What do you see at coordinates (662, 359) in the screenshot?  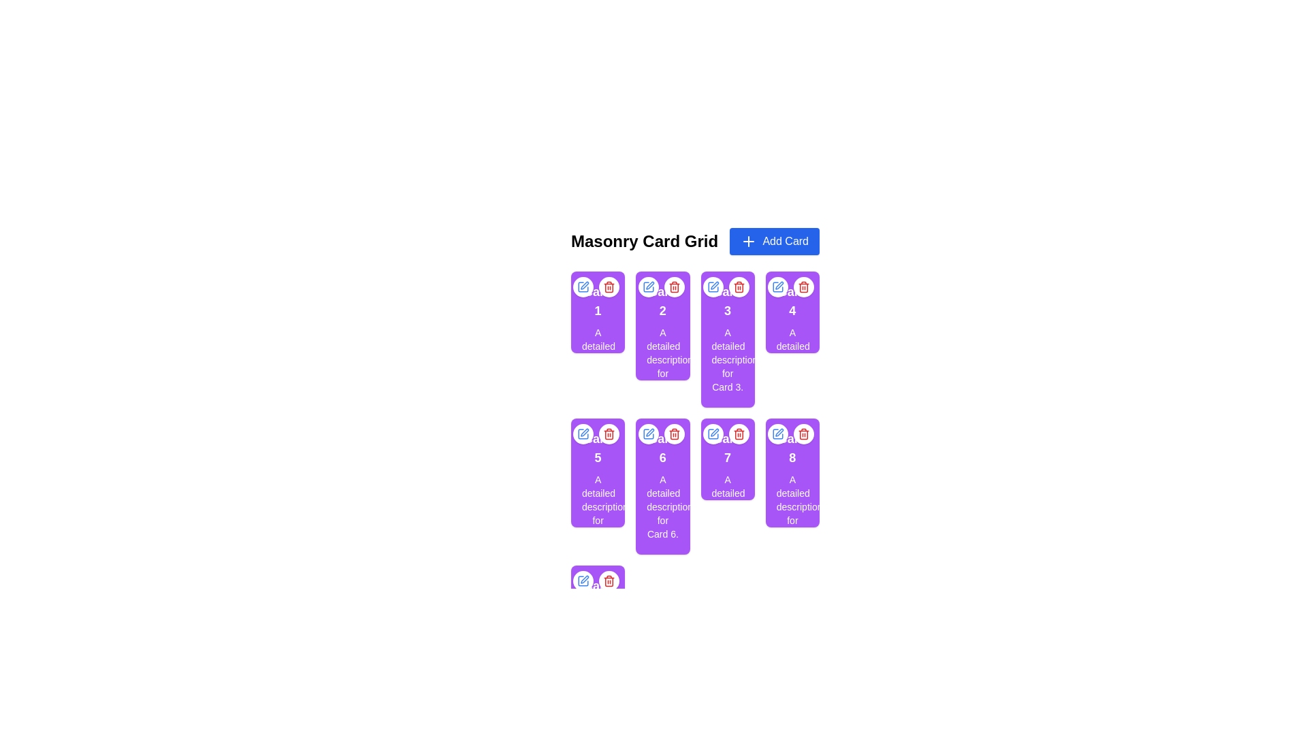 I see `description text displayed within the card labeled 'Card 2', which shows 'A detailed description for Card 2'` at bounding box center [662, 359].